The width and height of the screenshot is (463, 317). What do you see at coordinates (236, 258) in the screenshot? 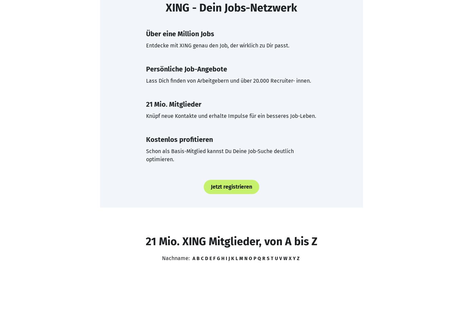
I see `'L'` at bounding box center [236, 258].